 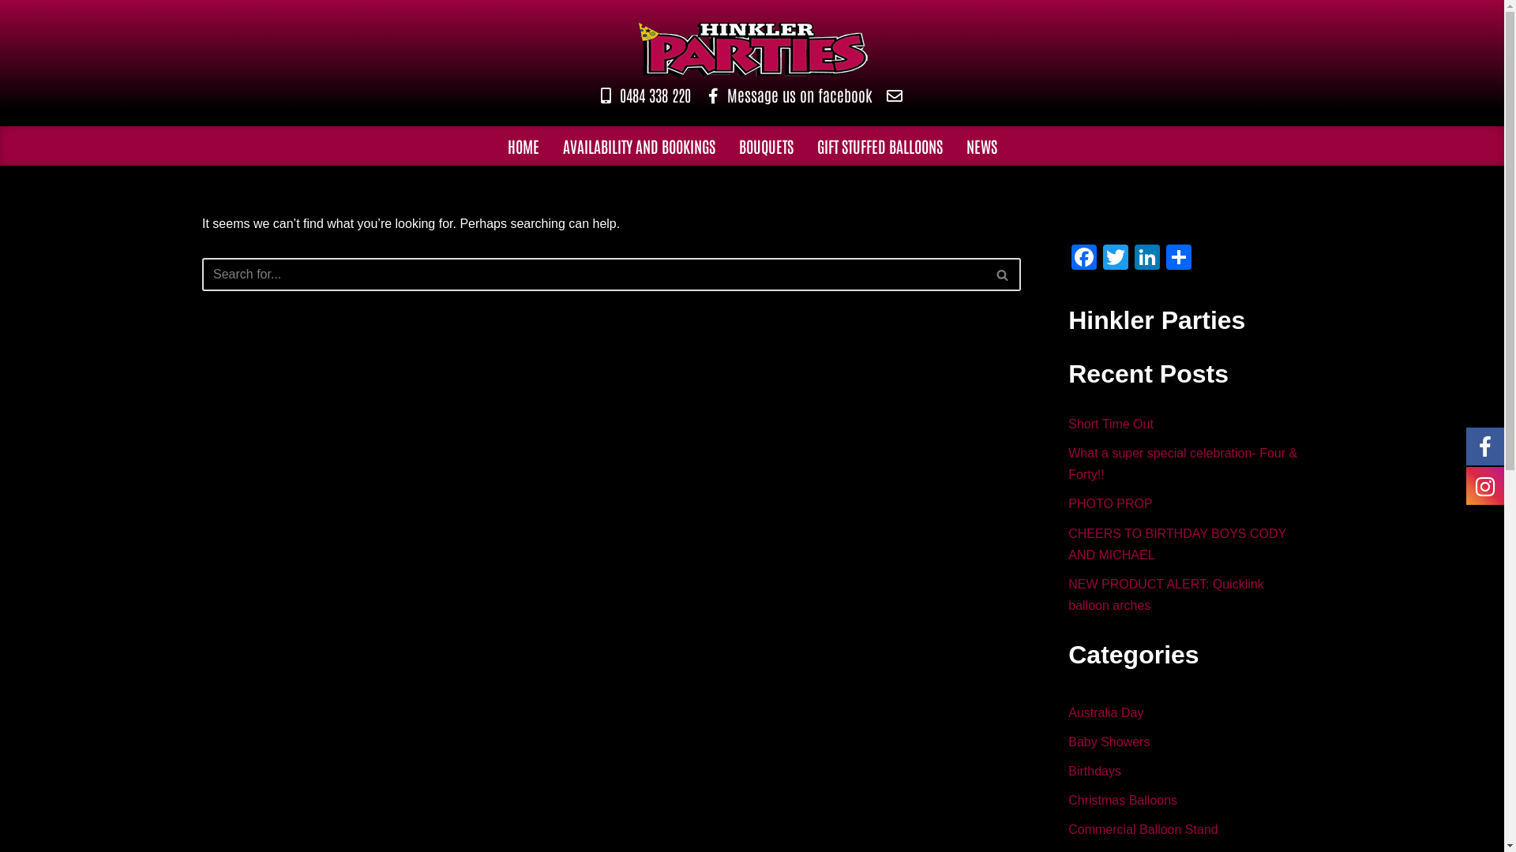 I want to click on 'What a super special celebration- Four & Forty!!', so click(x=1182, y=462).